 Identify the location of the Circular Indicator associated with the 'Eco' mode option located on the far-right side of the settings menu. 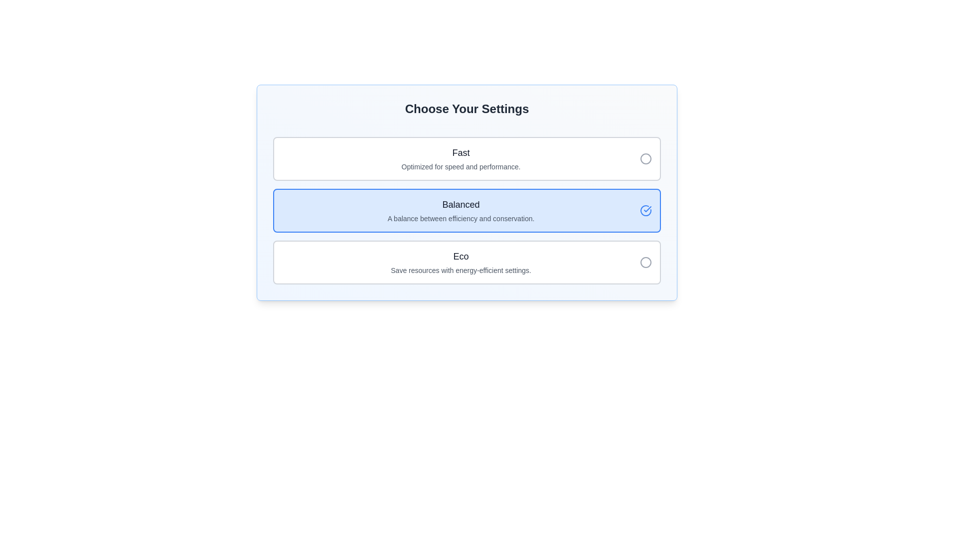
(646, 262).